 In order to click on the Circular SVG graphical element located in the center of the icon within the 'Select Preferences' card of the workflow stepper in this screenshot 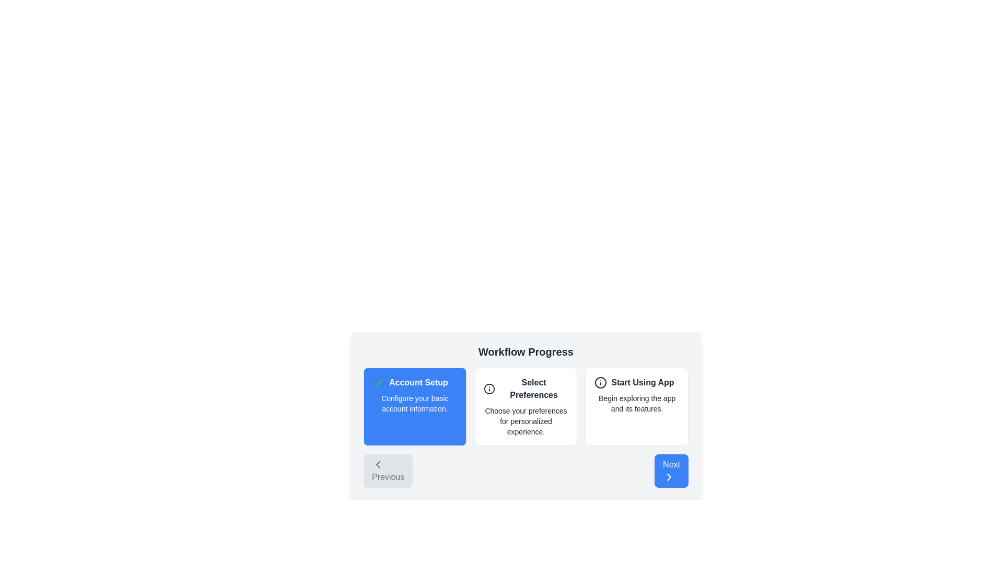, I will do `click(488, 389)`.